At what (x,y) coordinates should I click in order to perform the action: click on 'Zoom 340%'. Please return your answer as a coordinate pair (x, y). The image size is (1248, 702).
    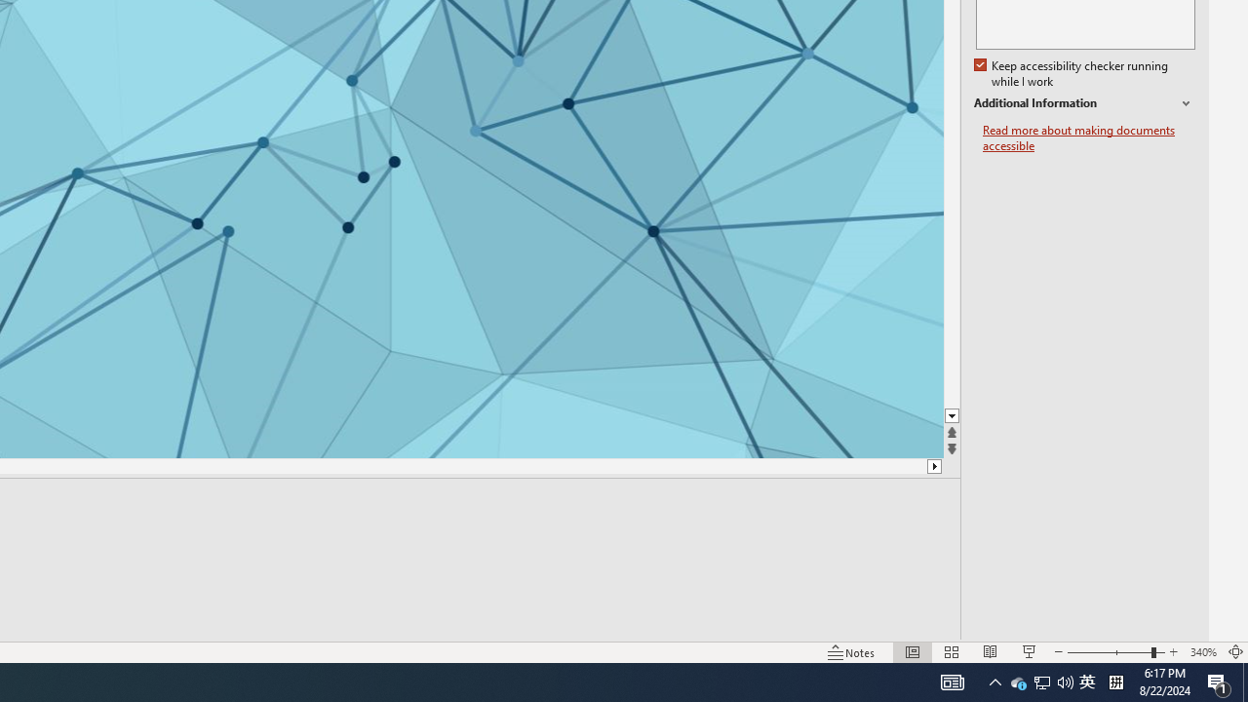
    Looking at the image, I should click on (1202, 652).